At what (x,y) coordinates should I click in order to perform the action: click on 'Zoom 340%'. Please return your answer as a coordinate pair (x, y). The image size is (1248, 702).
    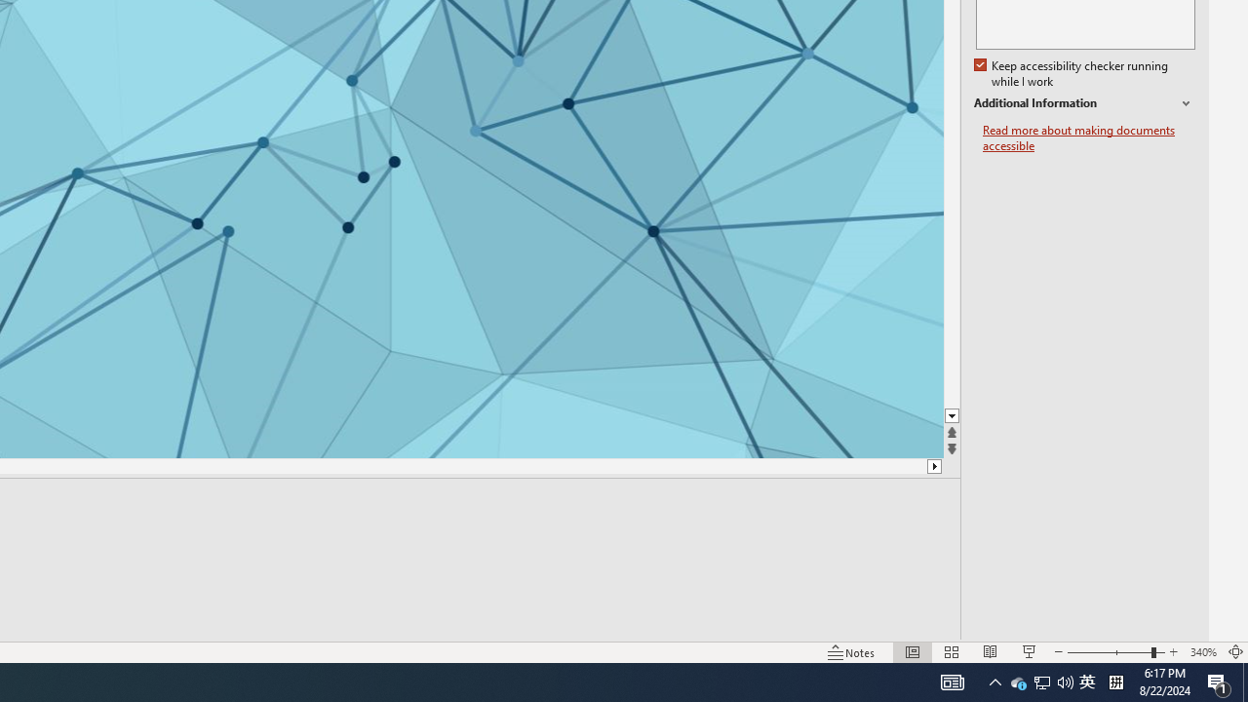
    Looking at the image, I should click on (1202, 652).